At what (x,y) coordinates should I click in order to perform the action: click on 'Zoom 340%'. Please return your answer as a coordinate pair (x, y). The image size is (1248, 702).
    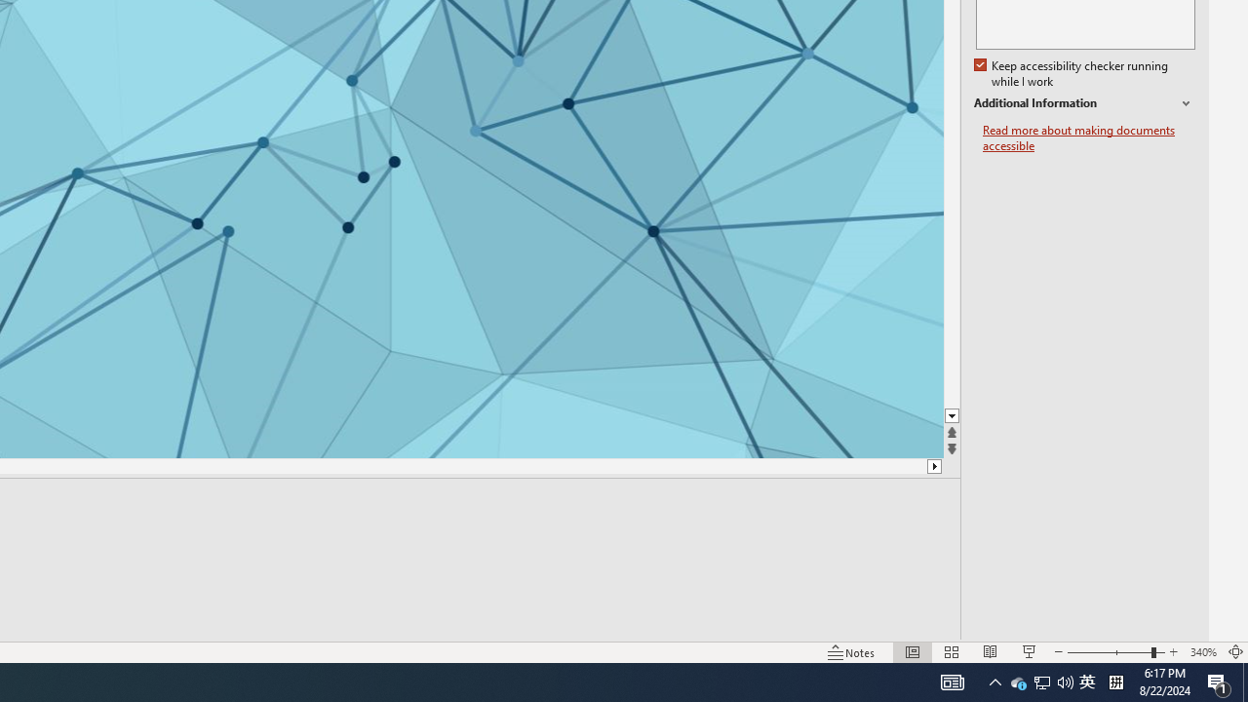
    Looking at the image, I should click on (1202, 652).